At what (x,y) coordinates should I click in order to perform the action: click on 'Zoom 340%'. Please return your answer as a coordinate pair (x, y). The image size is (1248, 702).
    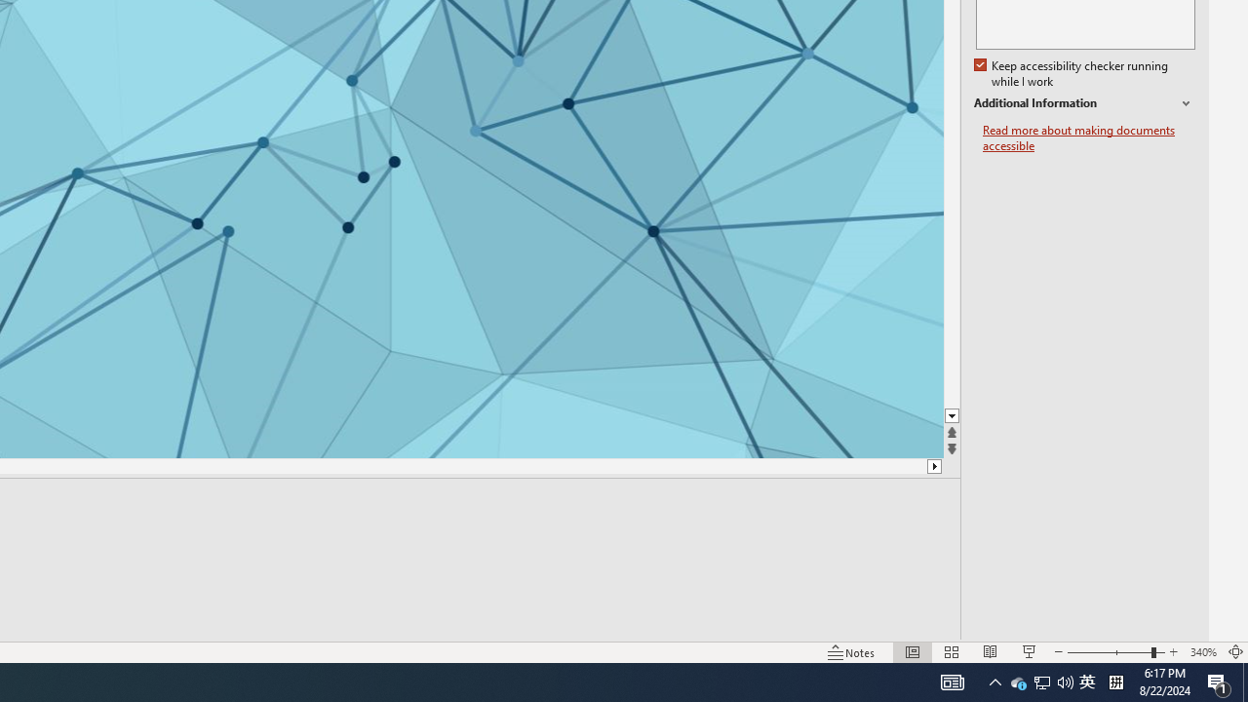
    Looking at the image, I should click on (1202, 652).